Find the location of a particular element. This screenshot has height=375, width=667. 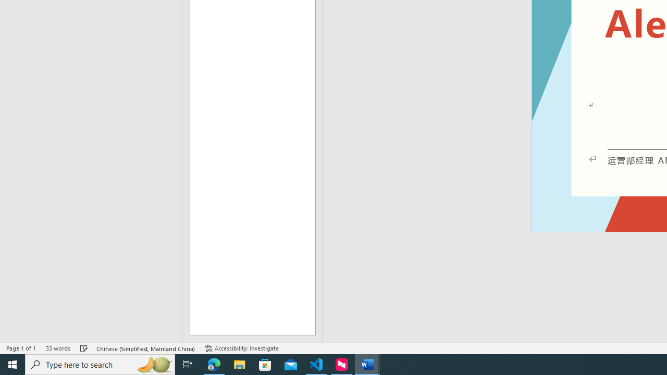

'Spelling and Grammar Check Checking' is located at coordinates (84, 348).